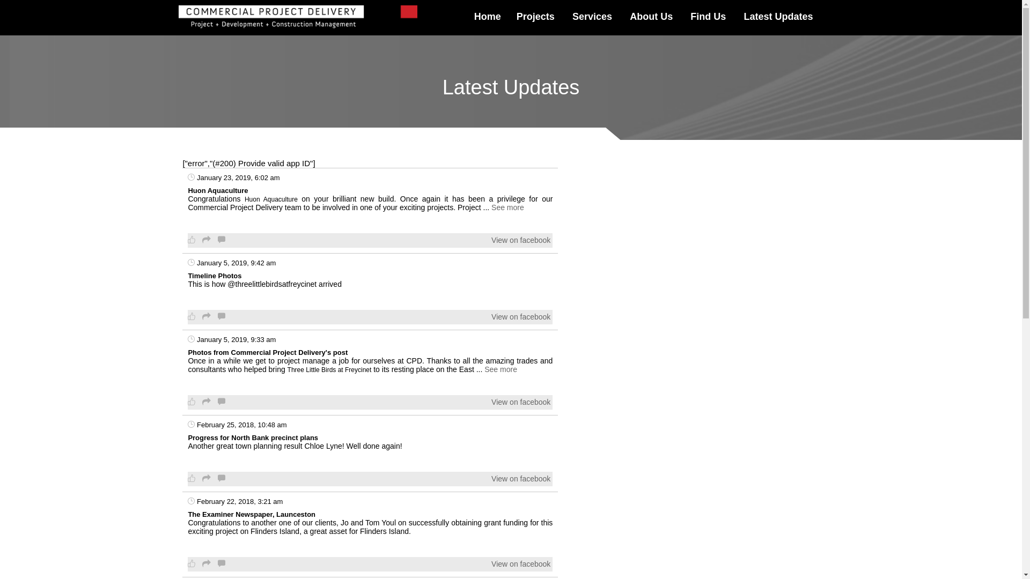 The image size is (1030, 579). Describe the element at coordinates (778, 17) in the screenshot. I see `'Latest Updates'` at that location.